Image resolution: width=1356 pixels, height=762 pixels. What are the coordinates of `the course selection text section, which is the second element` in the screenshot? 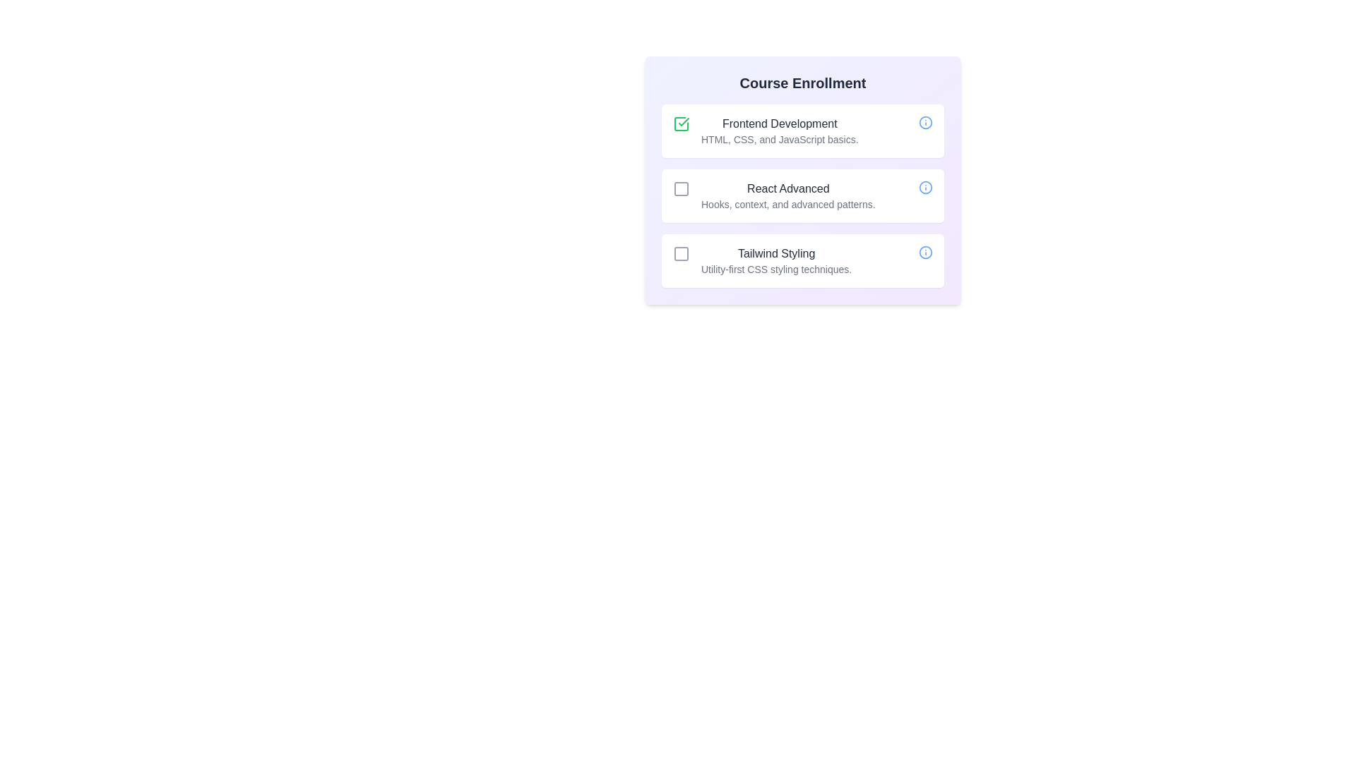 It's located at (803, 179).